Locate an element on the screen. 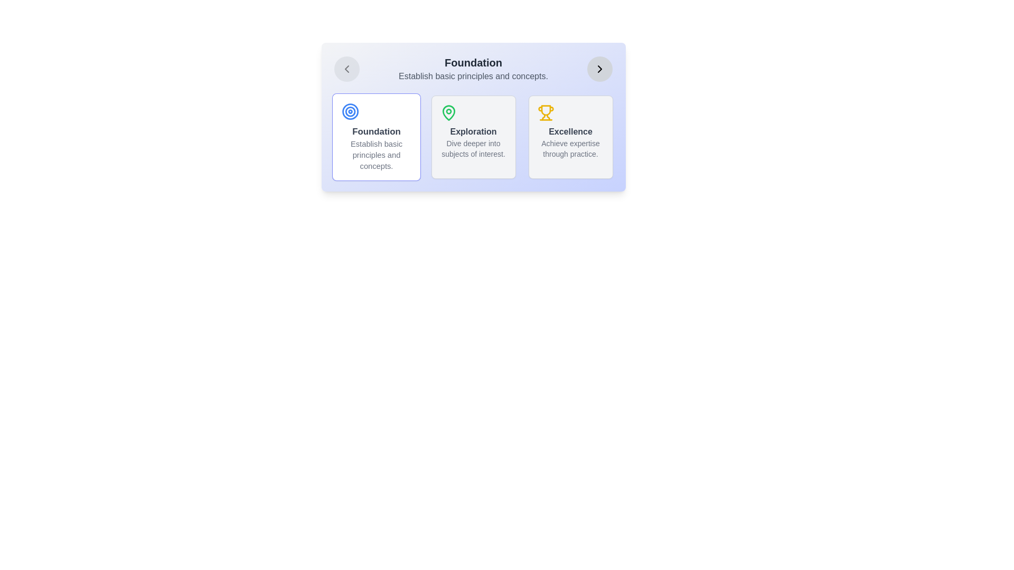  the outermost circle of the target icon that represents the 'Foundation' card, which is the leftmost card in the row of three options is located at coordinates (350, 111).